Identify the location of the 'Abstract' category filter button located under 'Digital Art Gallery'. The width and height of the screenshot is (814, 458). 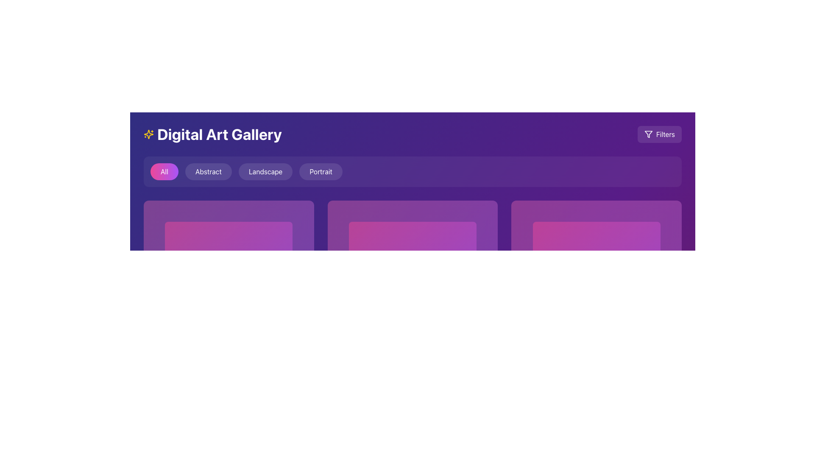
(208, 172).